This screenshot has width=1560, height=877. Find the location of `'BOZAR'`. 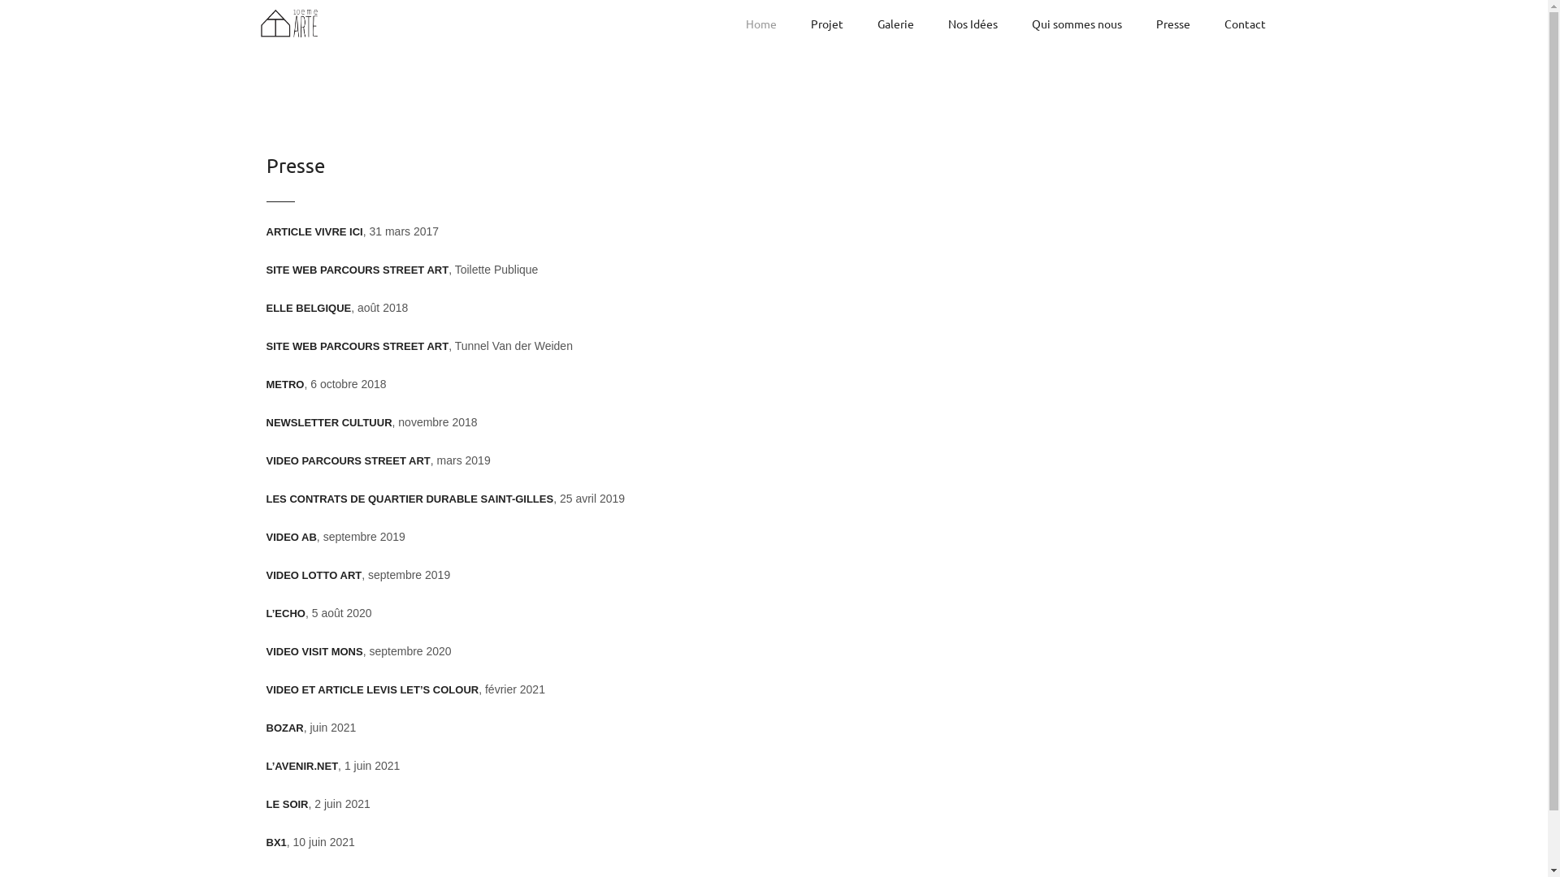

'BOZAR' is located at coordinates (266, 727).